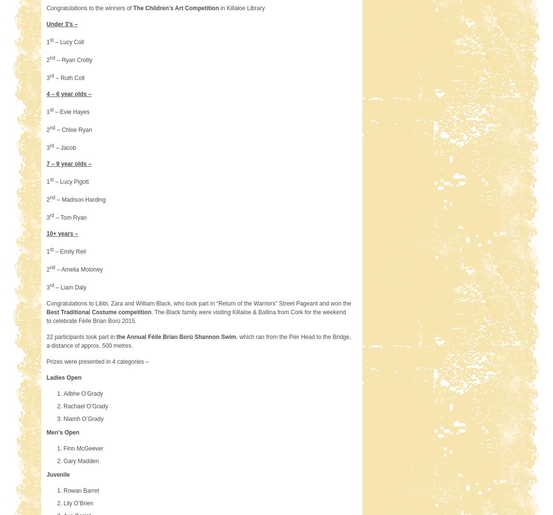 The height and width of the screenshot is (515, 553). I want to click on 'Rowan Barret', so click(81, 490).